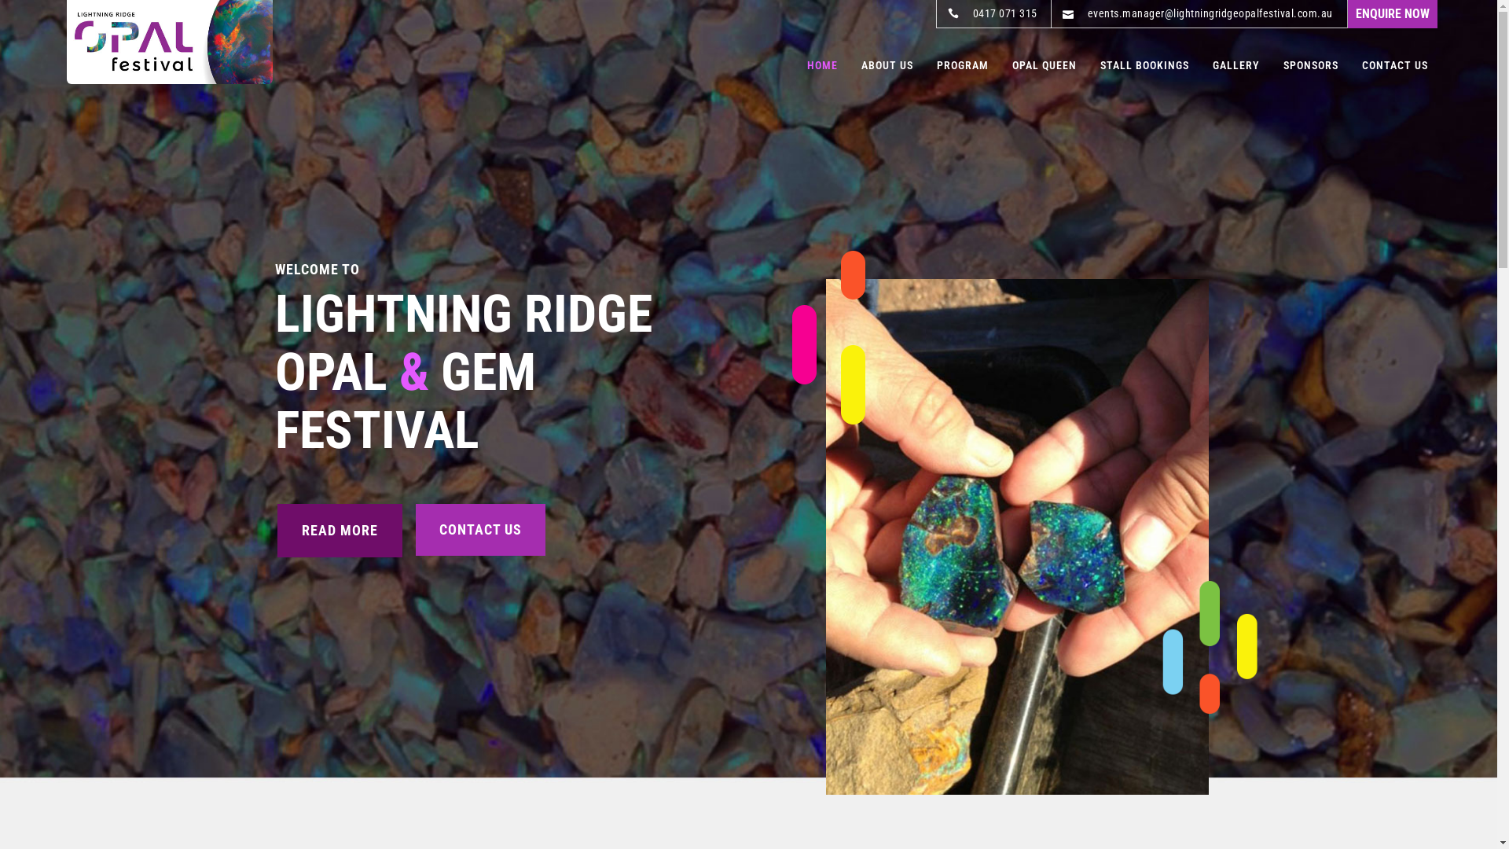 The image size is (1509, 849). What do you see at coordinates (339, 531) in the screenshot?
I see `'READ MORE'` at bounding box center [339, 531].